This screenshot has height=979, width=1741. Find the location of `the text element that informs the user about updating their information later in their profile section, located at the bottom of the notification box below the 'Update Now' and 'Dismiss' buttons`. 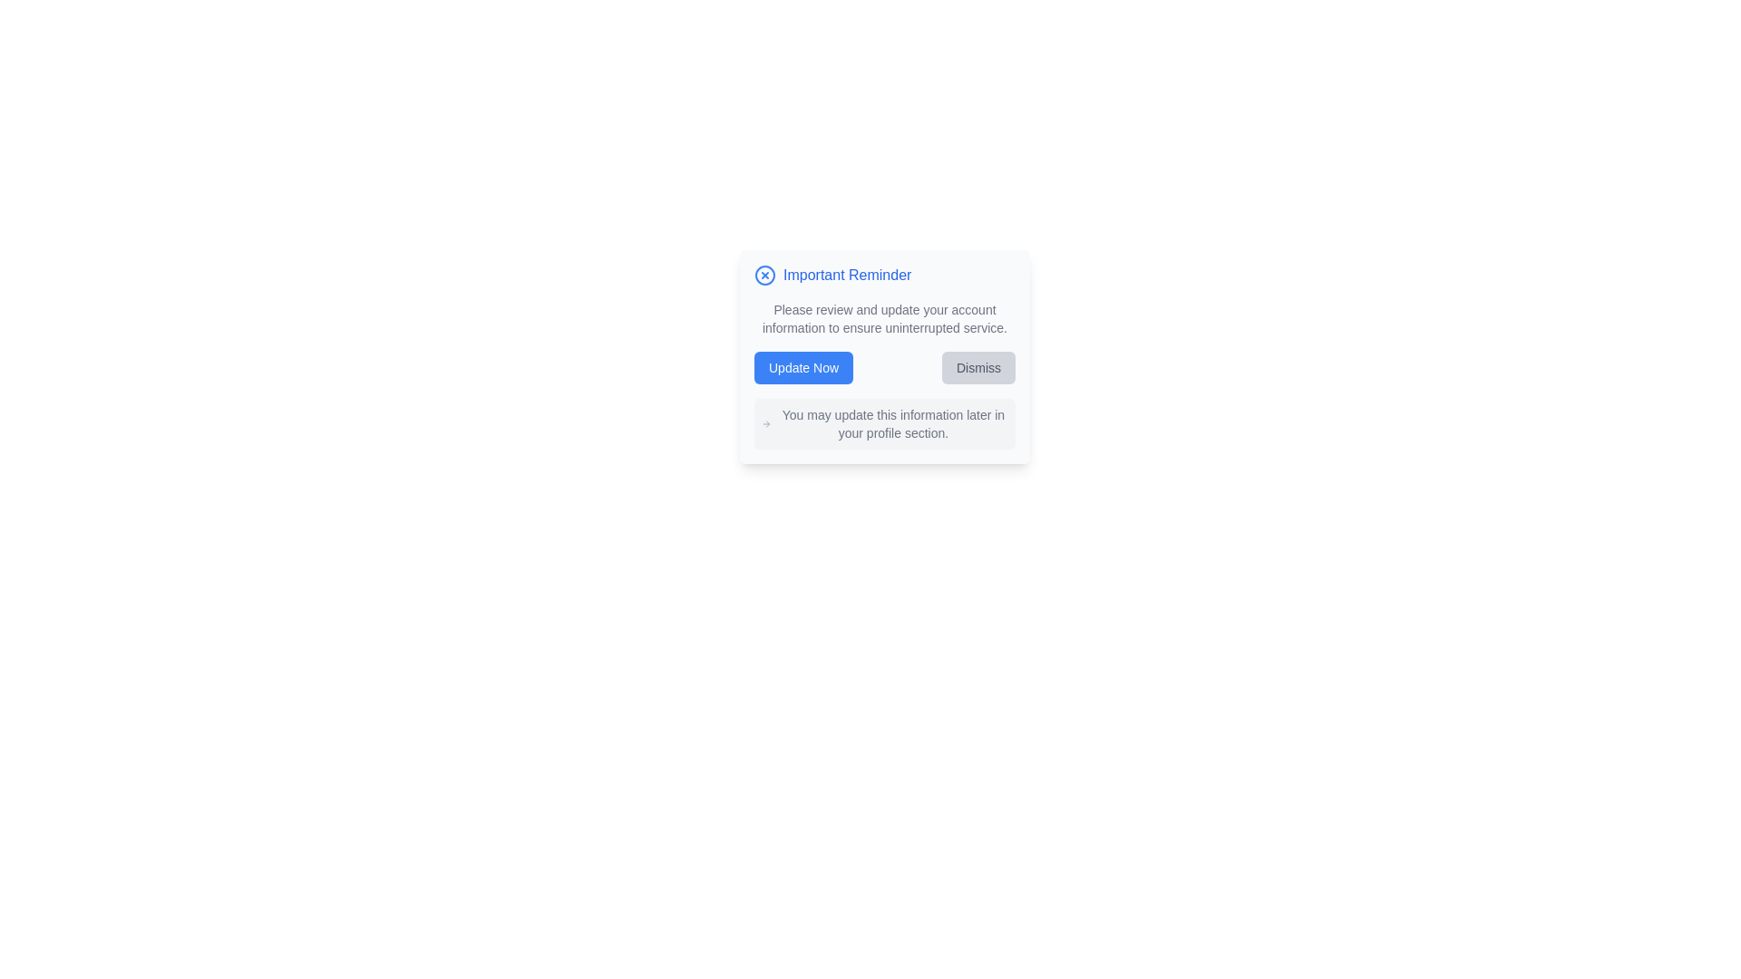

the text element that informs the user about updating their information later in their profile section, located at the bottom of the notification box below the 'Update Now' and 'Dismiss' buttons is located at coordinates (884, 423).